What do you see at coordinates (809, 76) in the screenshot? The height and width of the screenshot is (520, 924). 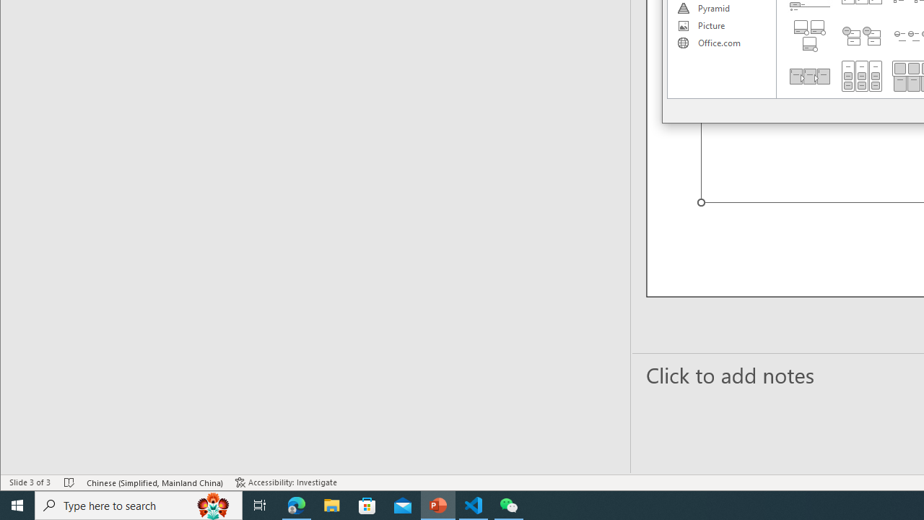 I see `'Detailed Process'` at bounding box center [809, 76].